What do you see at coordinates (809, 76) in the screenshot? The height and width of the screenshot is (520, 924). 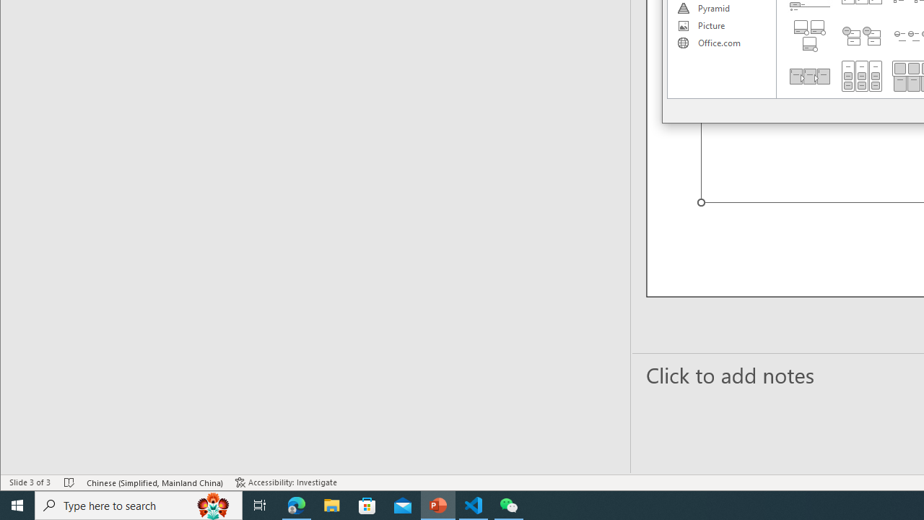 I see `'Detailed Process'` at bounding box center [809, 76].